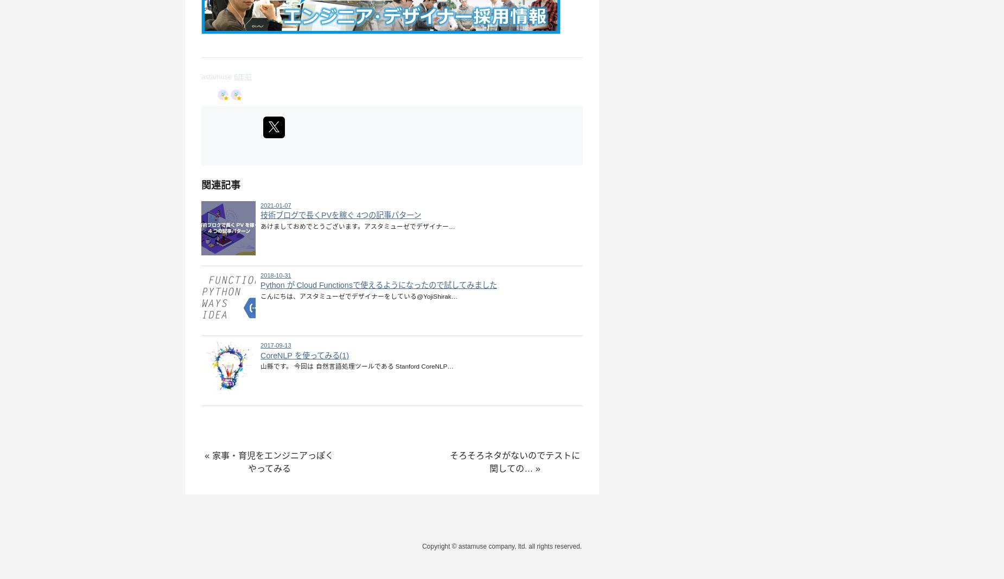  I want to click on '技術ブログで長くPVを稼ぐ 4つの記事パターン', so click(341, 214).